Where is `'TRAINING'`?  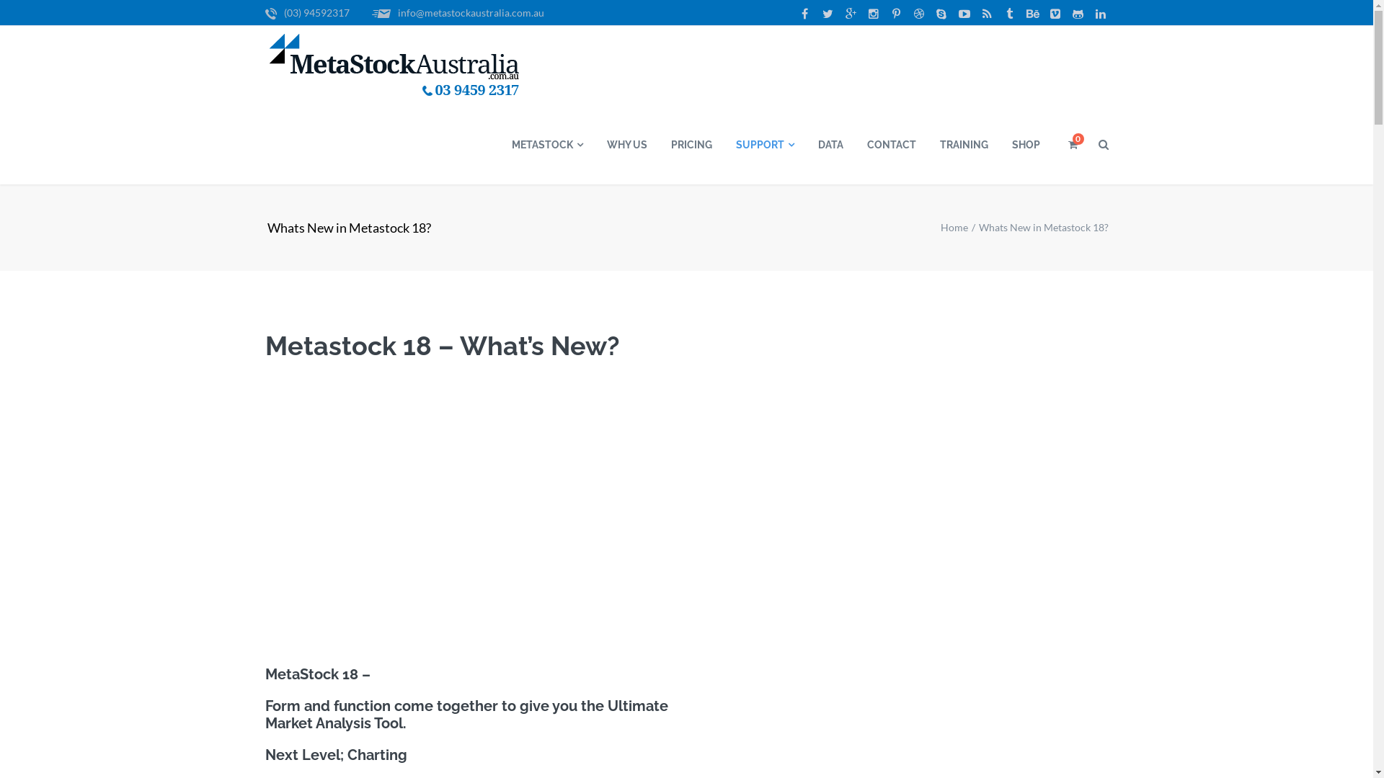 'TRAINING' is located at coordinates (962, 144).